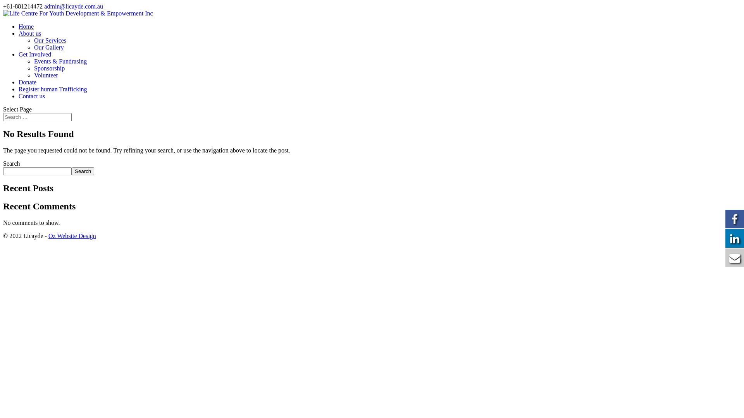  I want to click on 'About us', so click(29, 33).